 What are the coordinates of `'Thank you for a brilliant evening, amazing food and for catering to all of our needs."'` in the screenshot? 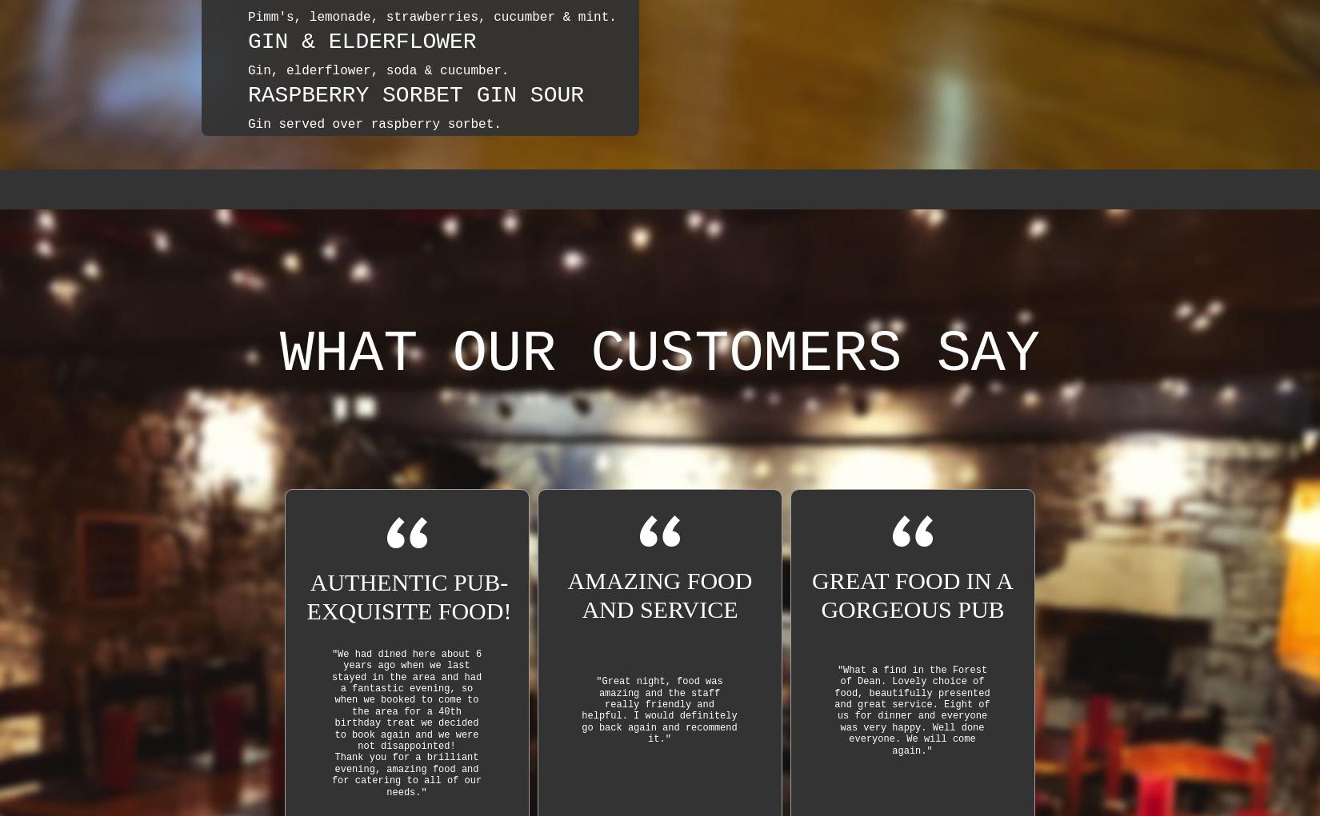 It's located at (406, 774).